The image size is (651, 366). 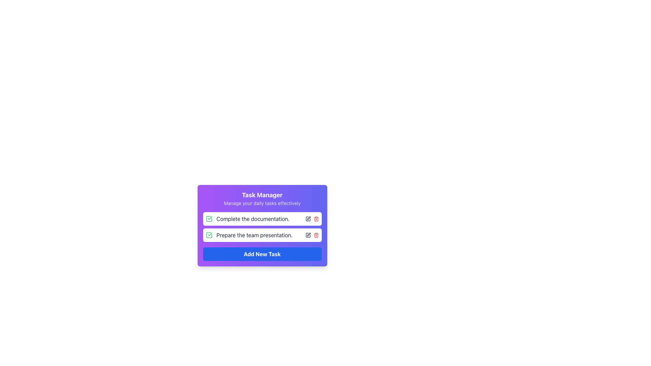 What do you see at coordinates (262, 219) in the screenshot?
I see `the first task item card in the task management system to mark it as completed` at bounding box center [262, 219].